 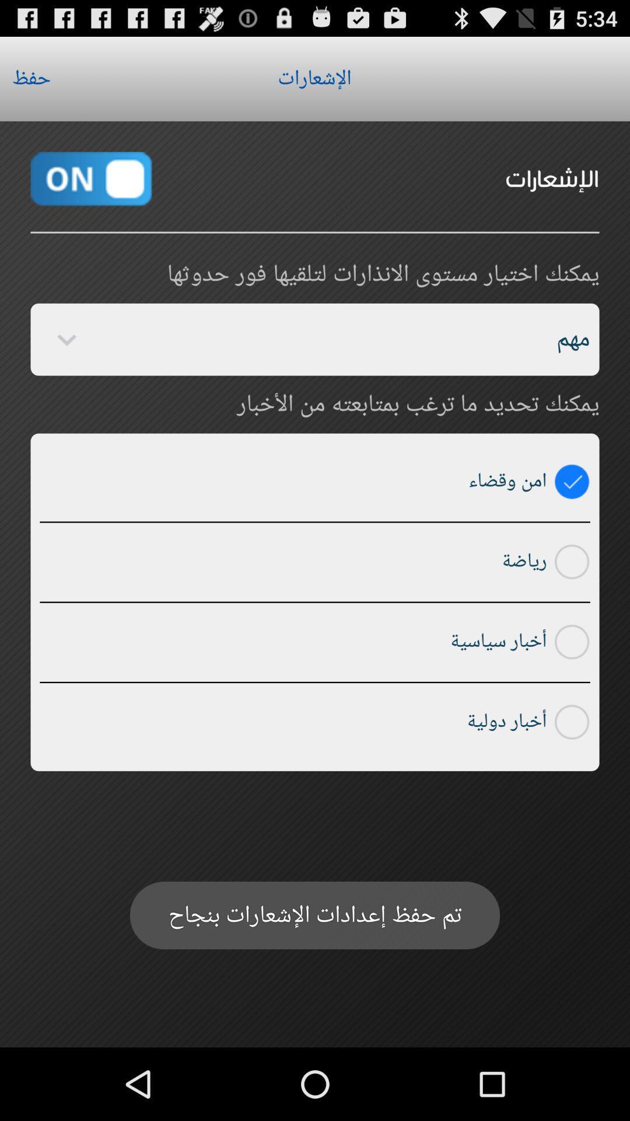 I want to click on the second row from bottom, so click(x=572, y=641).